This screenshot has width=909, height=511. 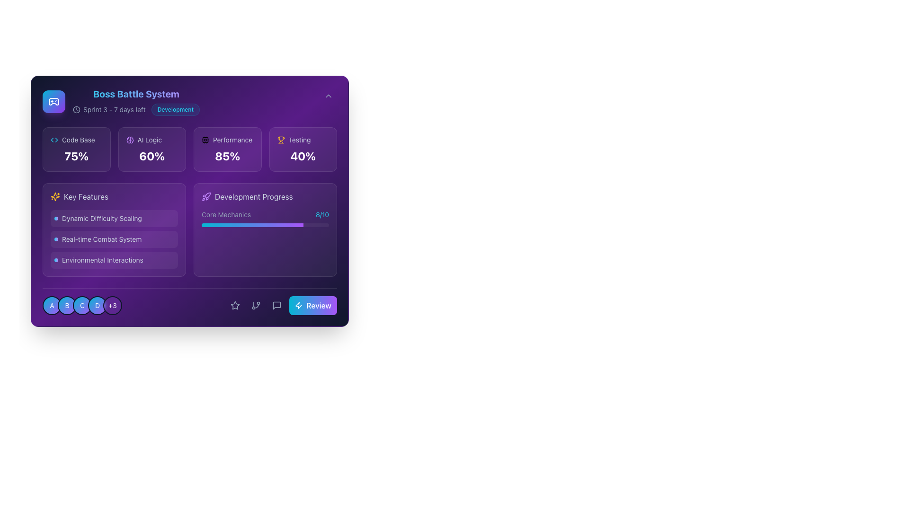 I want to click on the details of the 'Performance' icon, which visually represents computational performance and is positioned to the left of the text 'Performance', so click(x=205, y=140).